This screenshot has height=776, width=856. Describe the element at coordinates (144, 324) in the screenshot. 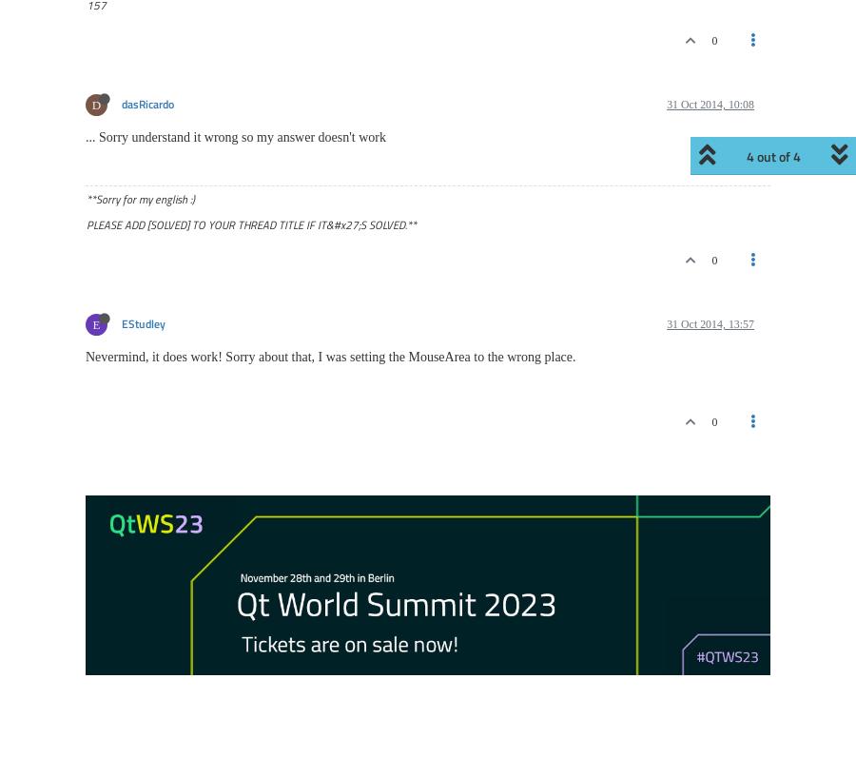

I see `'EStudley'` at that location.